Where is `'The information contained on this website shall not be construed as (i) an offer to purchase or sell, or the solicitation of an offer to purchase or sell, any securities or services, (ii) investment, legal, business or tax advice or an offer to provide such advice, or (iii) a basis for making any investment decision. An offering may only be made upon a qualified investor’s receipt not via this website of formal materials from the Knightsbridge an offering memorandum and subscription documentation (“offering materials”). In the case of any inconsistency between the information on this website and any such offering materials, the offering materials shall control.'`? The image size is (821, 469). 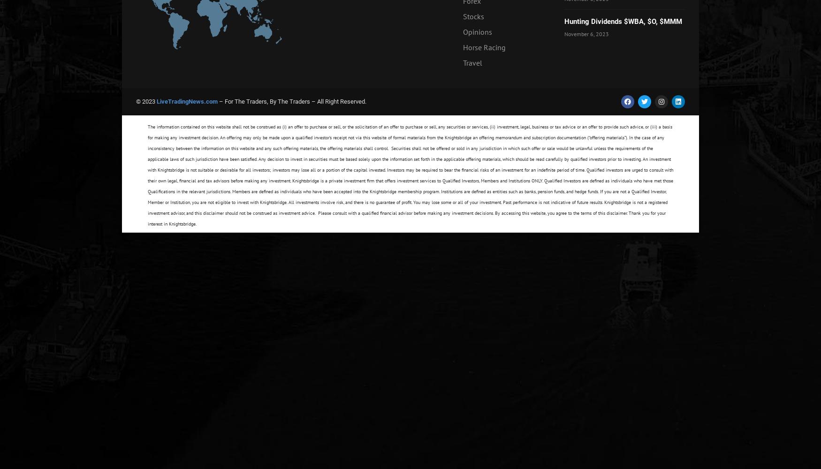
'The information contained on this website shall not be construed as (i) an offer to purchase or sell, or the solicitation of an offer to purchase or sell, any securities or services, (ii) investment, legal, business or tax advice or an offer to provide such advice, or (iii) a basis for making any investment decision. An offering may only be made upon a qualified investor’s receipt not via this website of formal materials from the Knightsbridge an offering memorandum and subscription documentation (“offering materials”). In the case of any inconsistency between the information on this website and any such offering materials, the offering materials shall control.' is located at coordinates (410, 137).